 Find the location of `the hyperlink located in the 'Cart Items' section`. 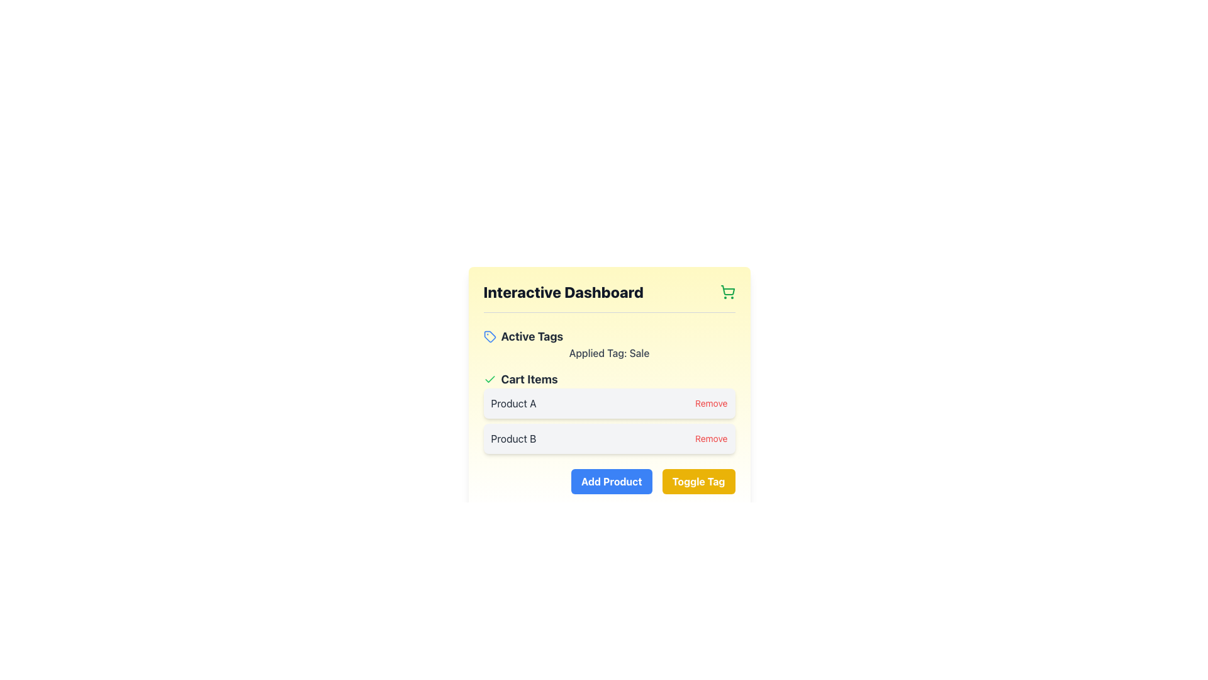

the hyperlink located in the 'Cart Items' section is located at coordinates (711, 403).